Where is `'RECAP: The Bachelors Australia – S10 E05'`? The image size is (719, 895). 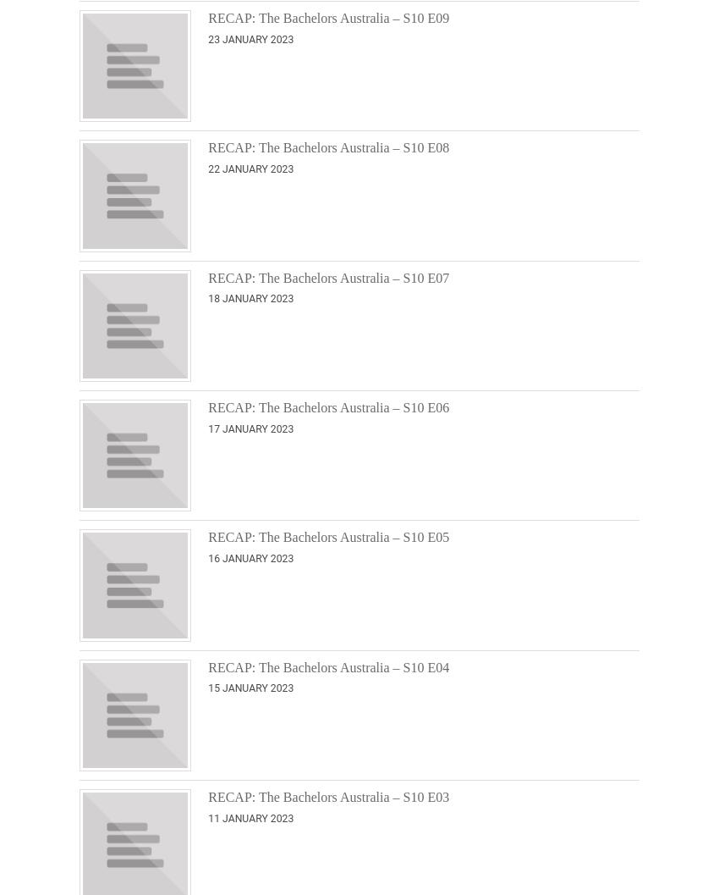 'RECAP: The Bachelors Australia – S10 E05' is located at coordinates (328, 537).